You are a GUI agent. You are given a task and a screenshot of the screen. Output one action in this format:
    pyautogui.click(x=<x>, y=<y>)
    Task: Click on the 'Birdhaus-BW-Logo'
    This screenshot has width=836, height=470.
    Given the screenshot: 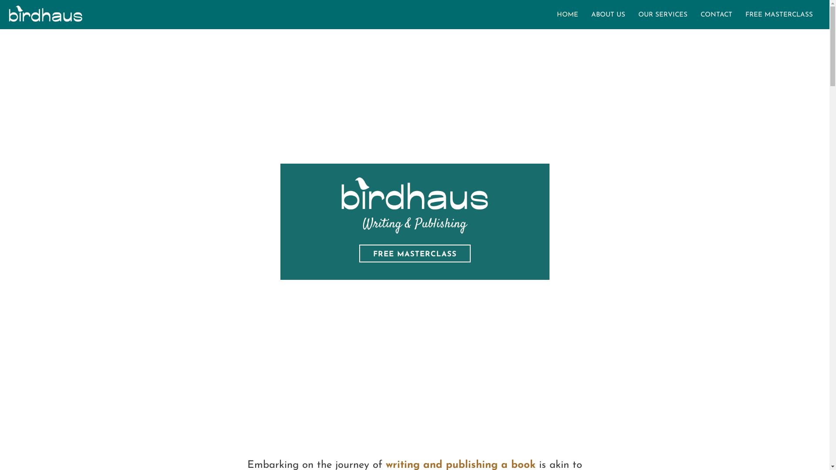 What is the action you would take?
    pyautogui.click(x=45, y=13)
    